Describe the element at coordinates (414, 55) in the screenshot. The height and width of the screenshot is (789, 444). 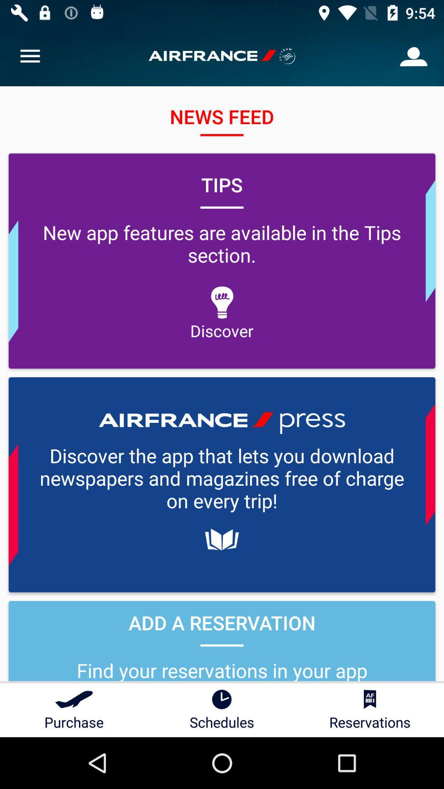
I see `the icon at the top right corner` at that location.